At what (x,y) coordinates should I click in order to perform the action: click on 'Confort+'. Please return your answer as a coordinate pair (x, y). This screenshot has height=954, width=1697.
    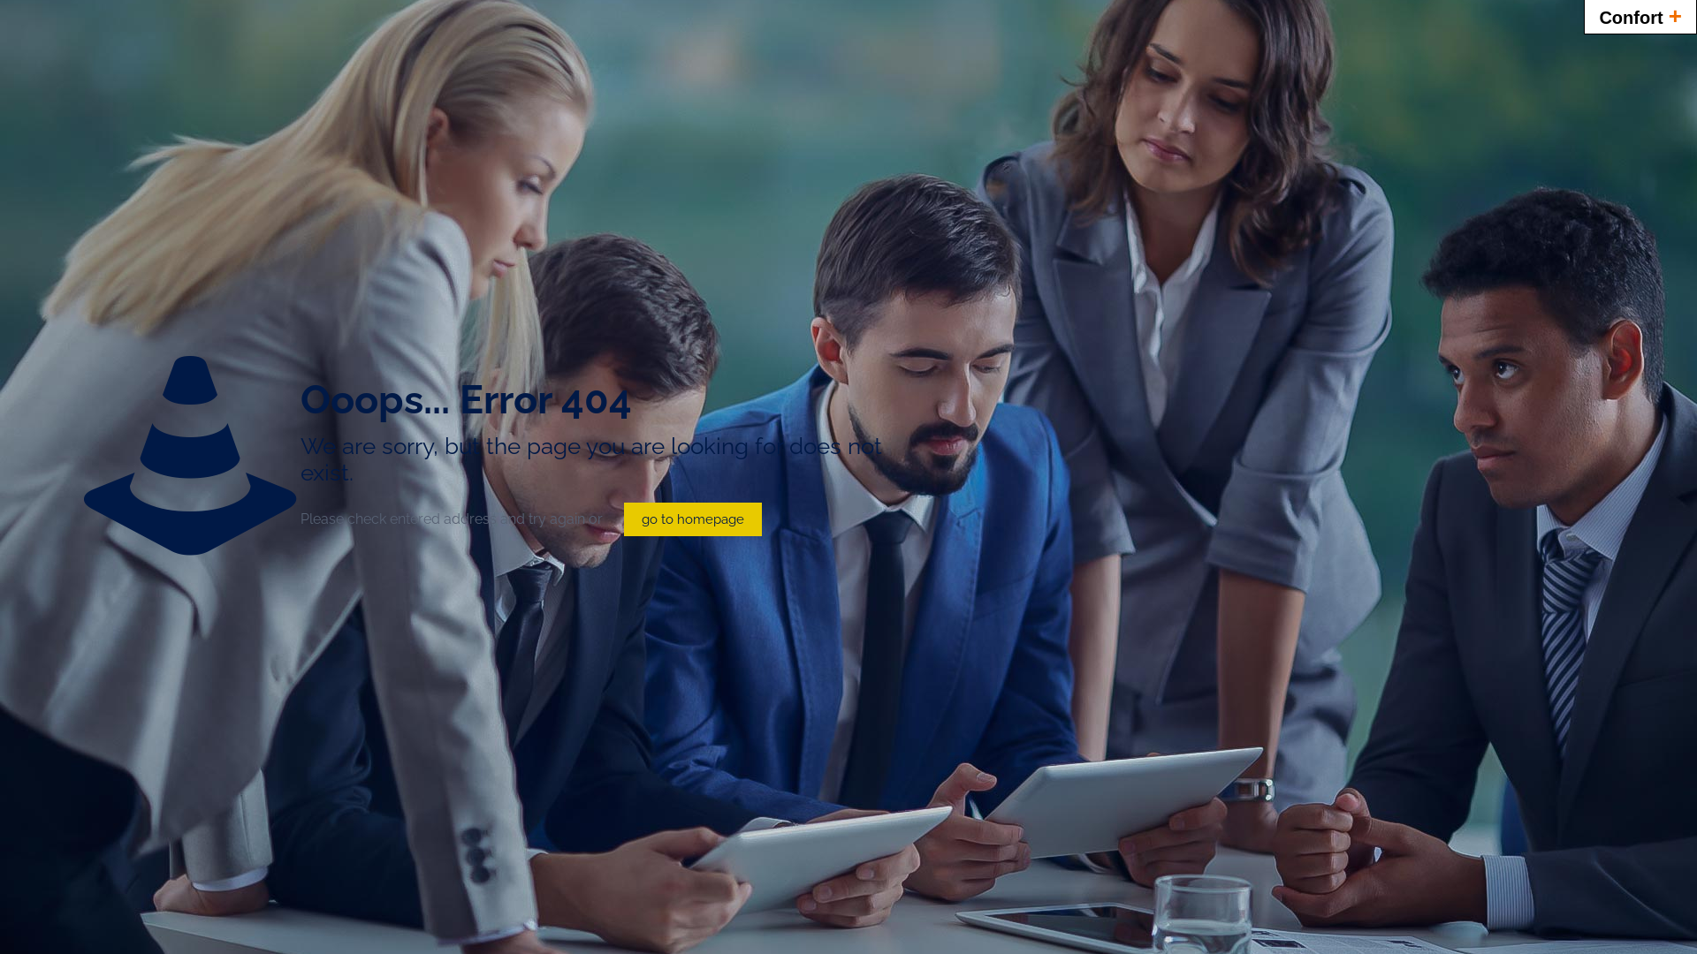
    Looking at the image, I should click on (1640, 17).